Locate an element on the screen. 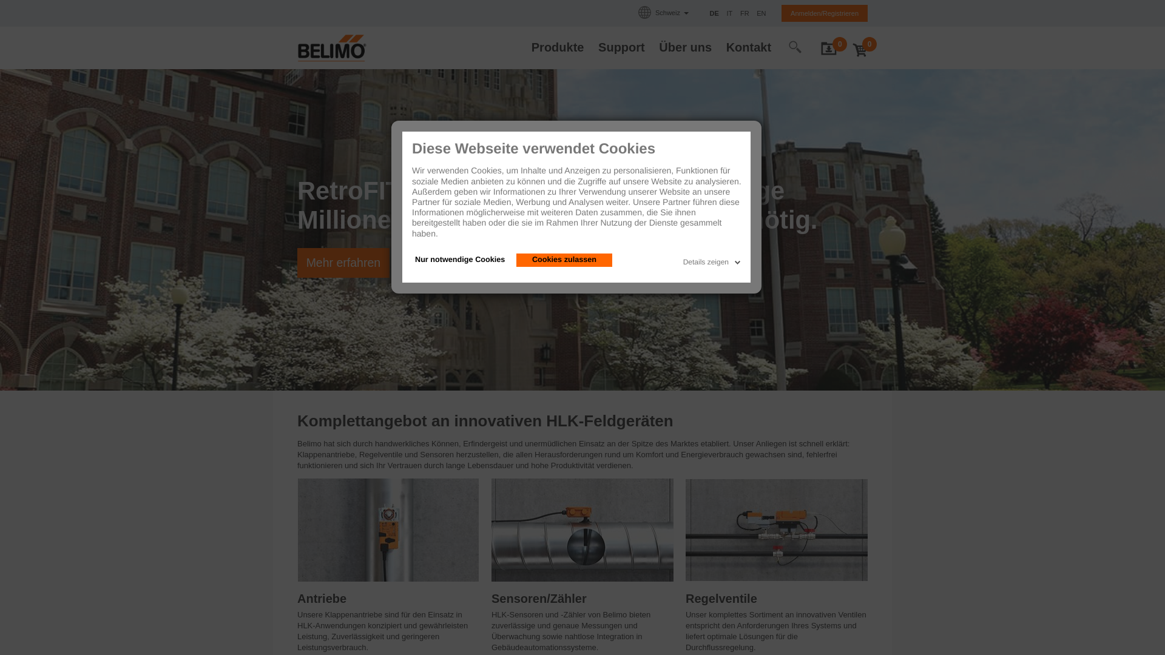 This screenshot has width=1165, height=655. 'Details zeigen' is located at coordinates (713, 259).